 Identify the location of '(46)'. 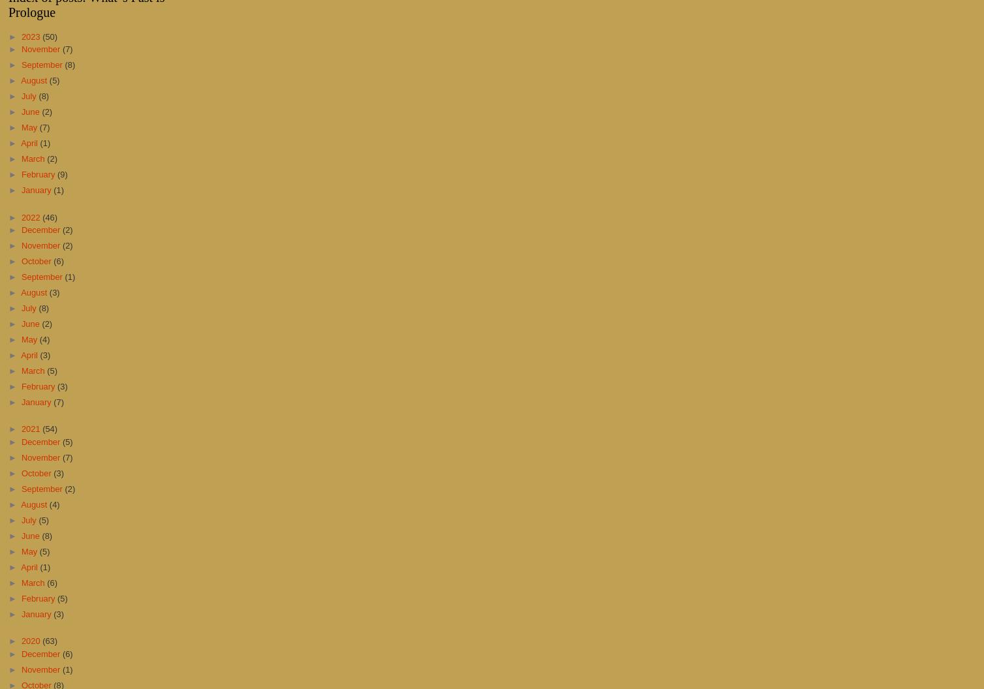
(50, 216).